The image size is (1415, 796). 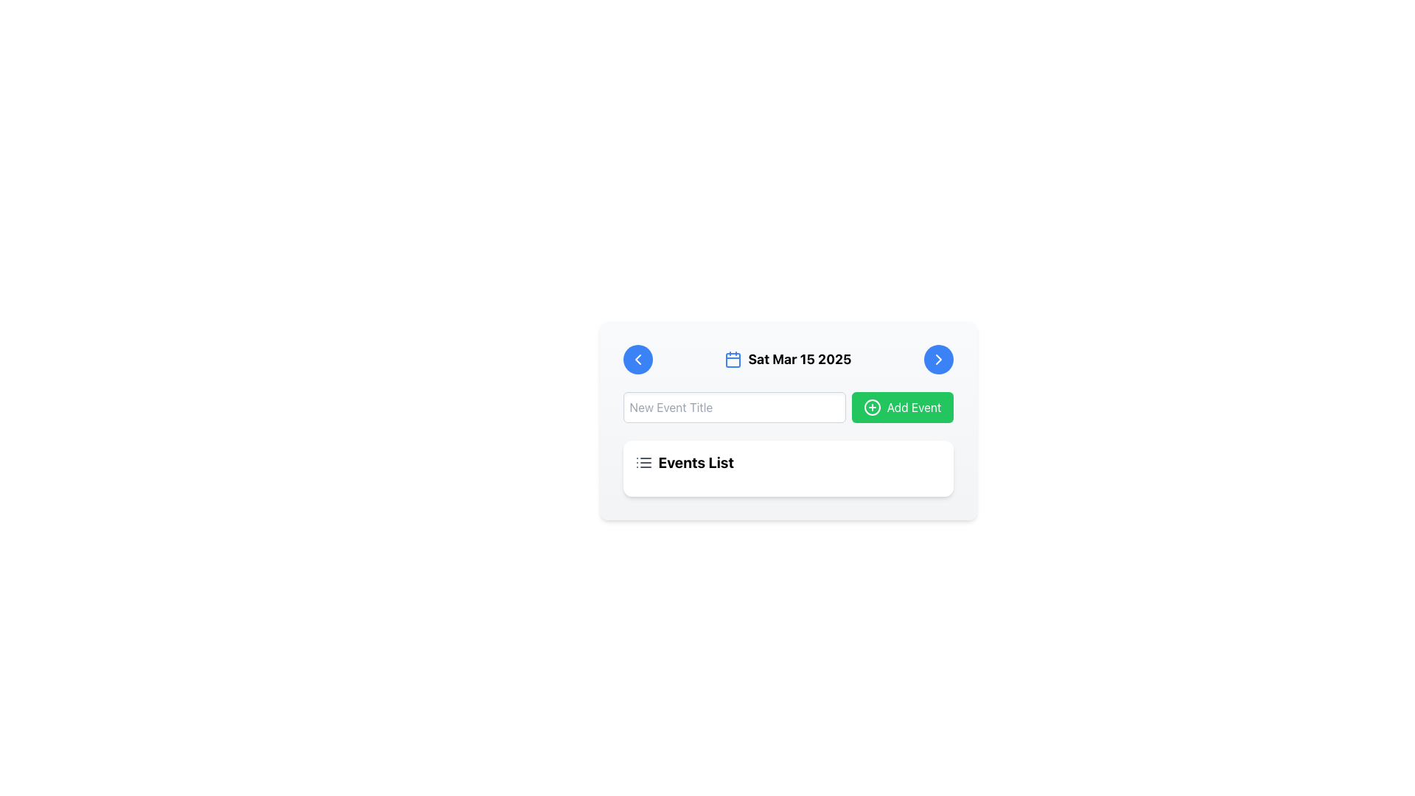 I want to click on the round blue button with a white left-pointing arrow, located on the left side before the 'Sat Mar 15 2025' text, so click(x=637, y=360).